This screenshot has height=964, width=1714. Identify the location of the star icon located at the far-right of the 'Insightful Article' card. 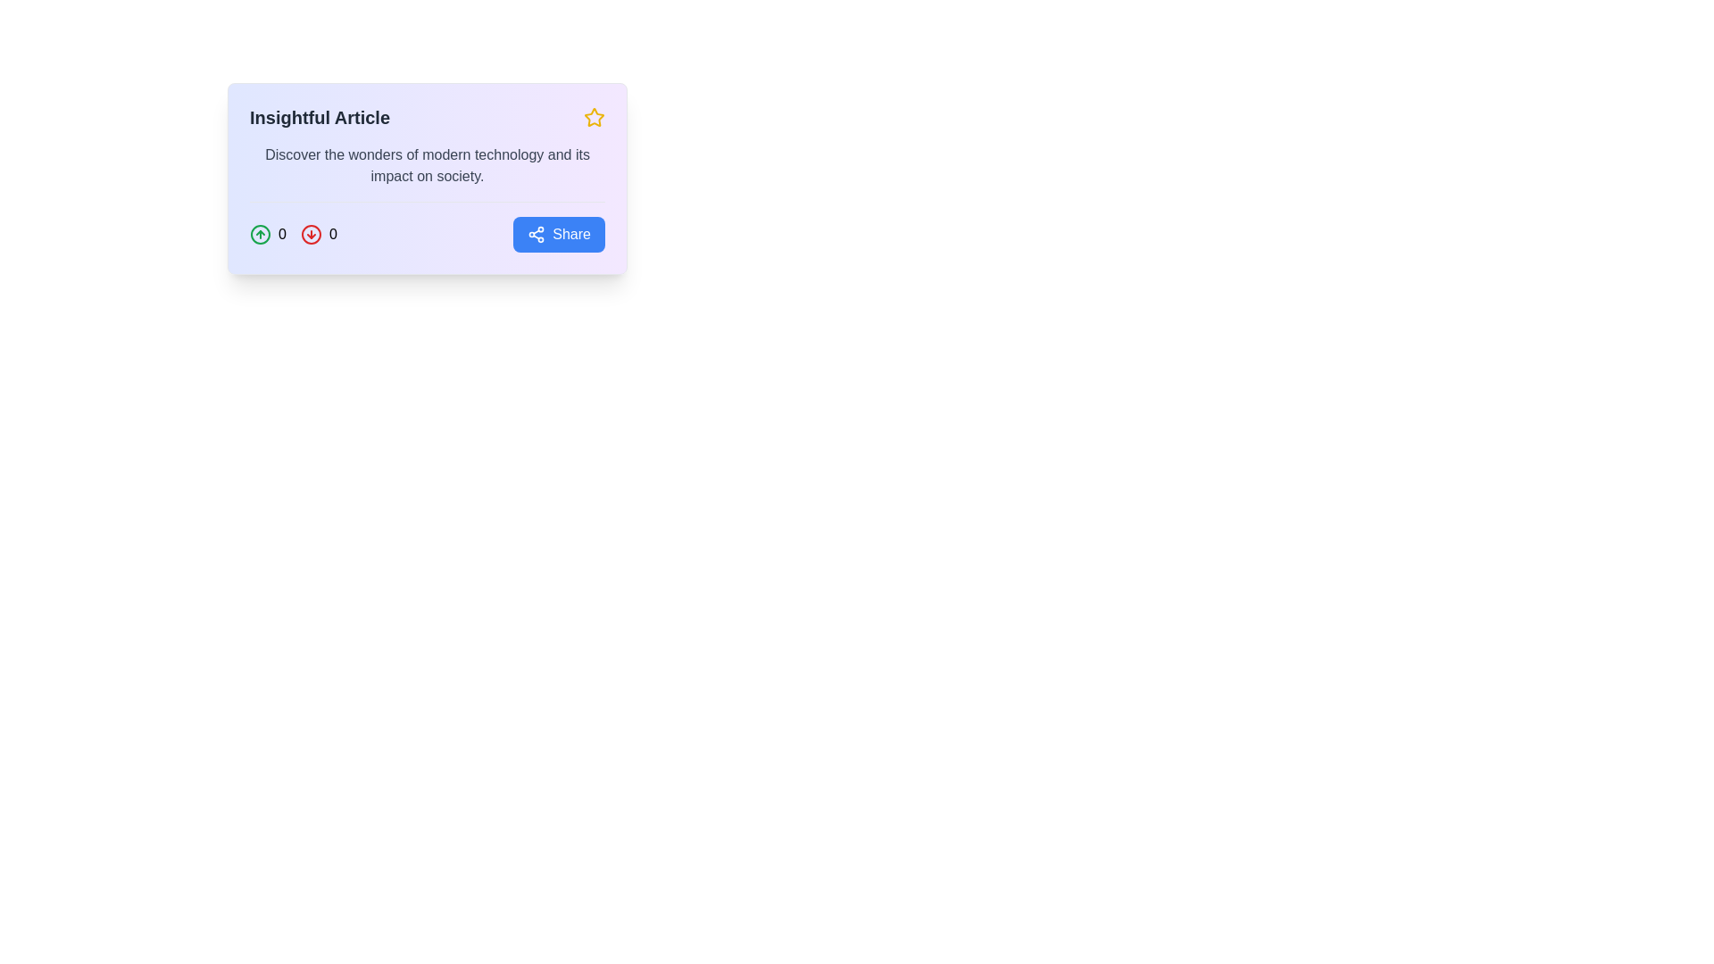
(595, 117).